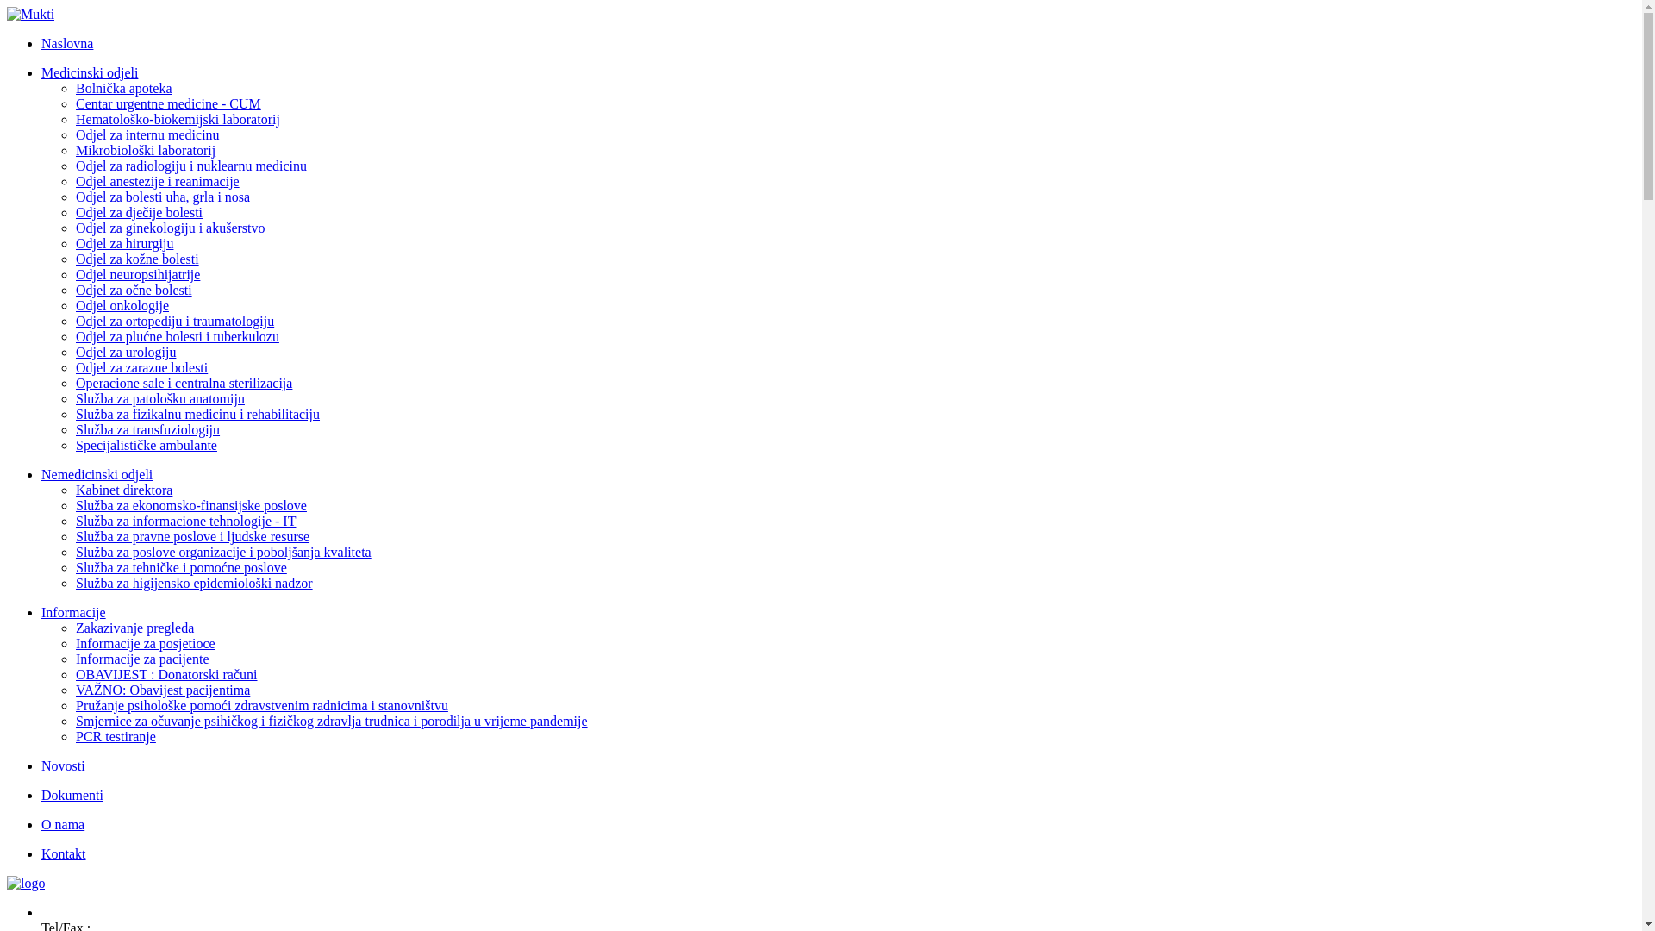 The width and height of the screenshot is (1655, 931). Describe the element at coordinates (96, 474) in the screenshot. I see `'Nemedicinski odjeli'` at that location.